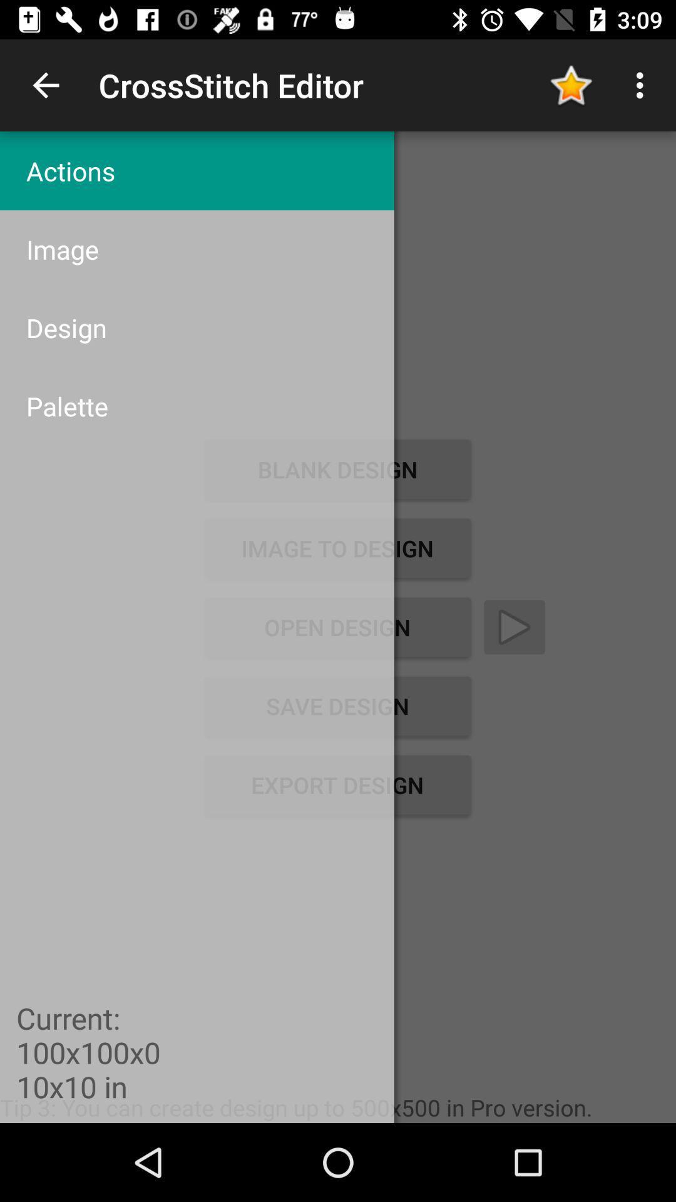  What do you see at coordinates (337, 706) in the screenshot?
I see `item above export design` at bounding box center [337, 706].